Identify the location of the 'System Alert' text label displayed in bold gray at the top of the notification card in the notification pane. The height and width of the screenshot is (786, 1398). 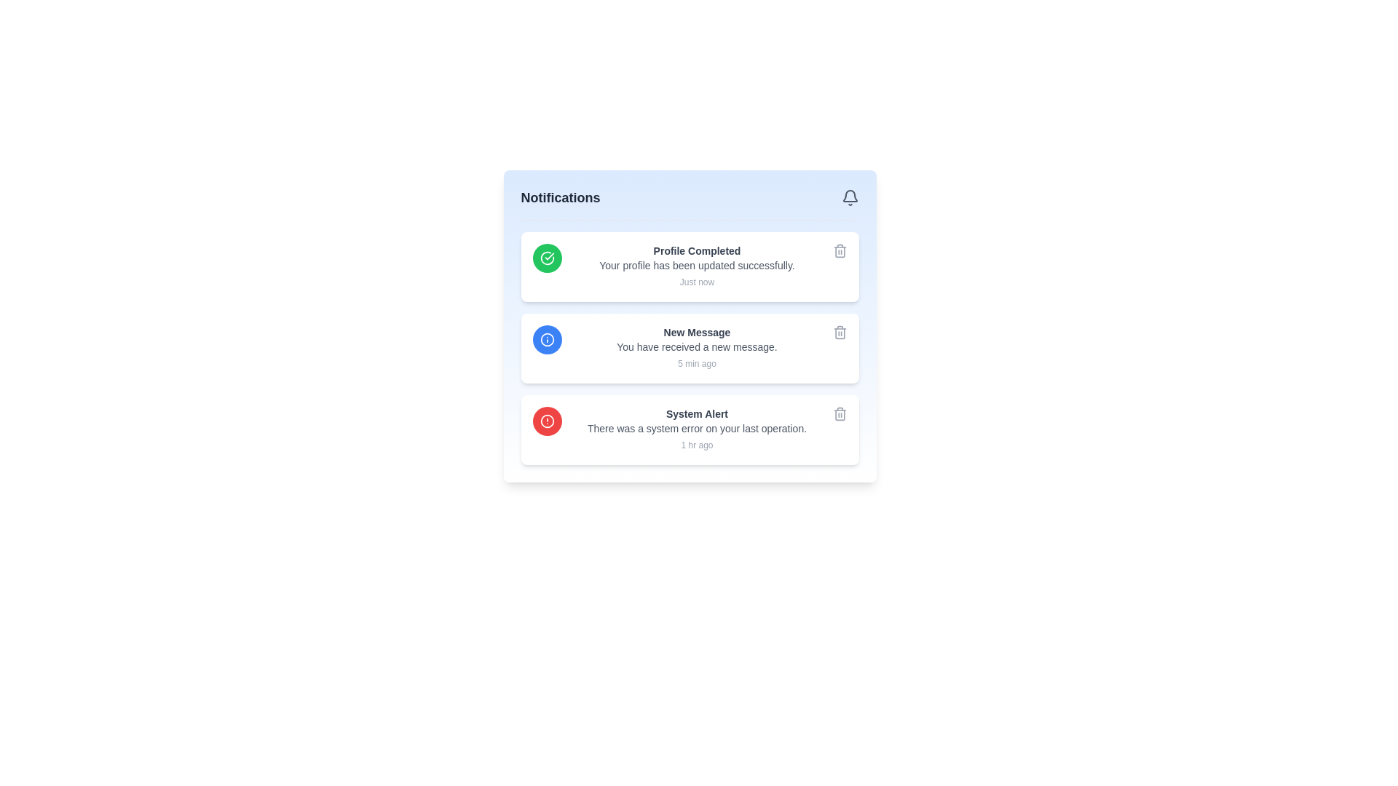
(696, 414).